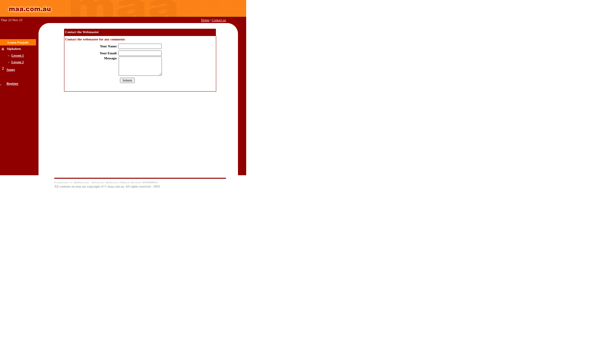 The width and height of the screenshot is (606, 341). I want to click on 'Songs', so click(11, 69).